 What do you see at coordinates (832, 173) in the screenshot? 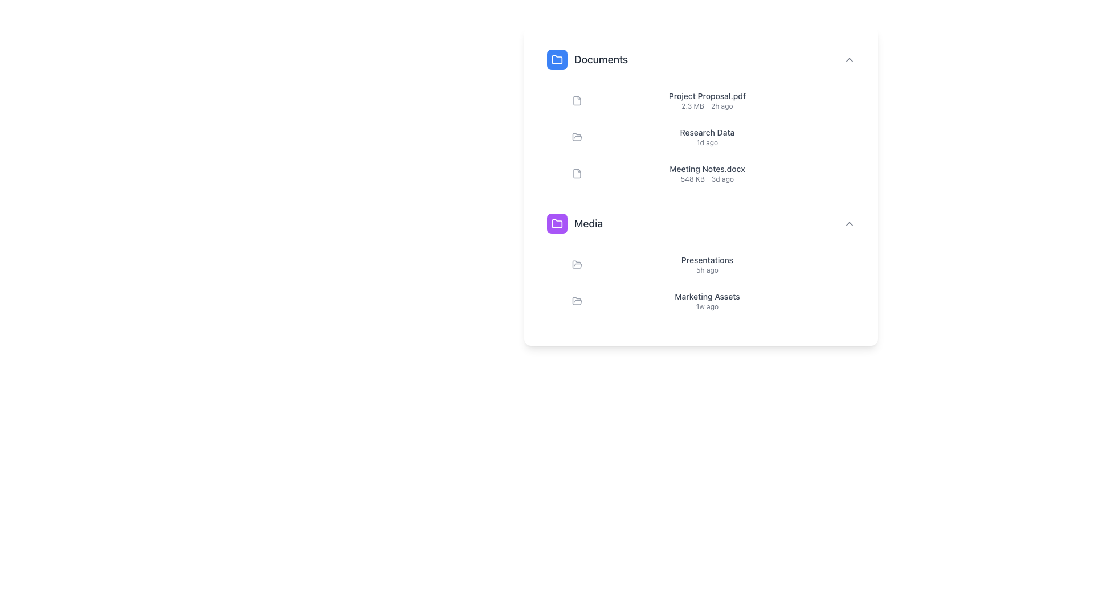
I see `the toggleable star button next to 'Meeting Notes.docx'` at bounding box center [832, 173].